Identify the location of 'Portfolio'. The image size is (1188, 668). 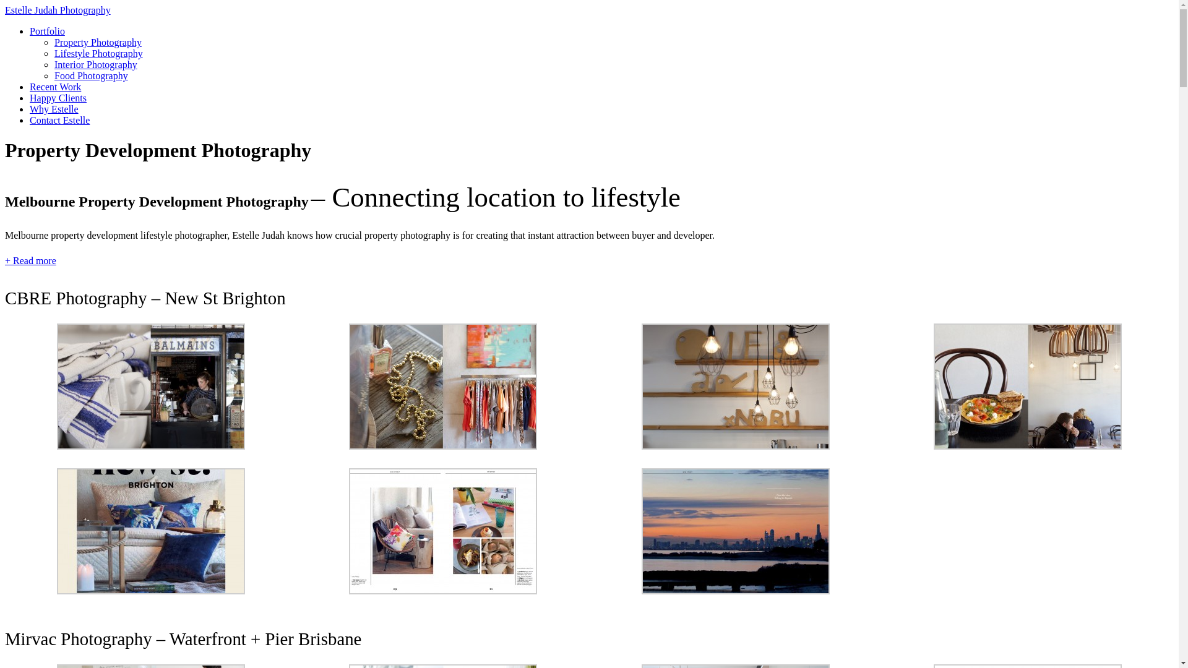
(47, 30).